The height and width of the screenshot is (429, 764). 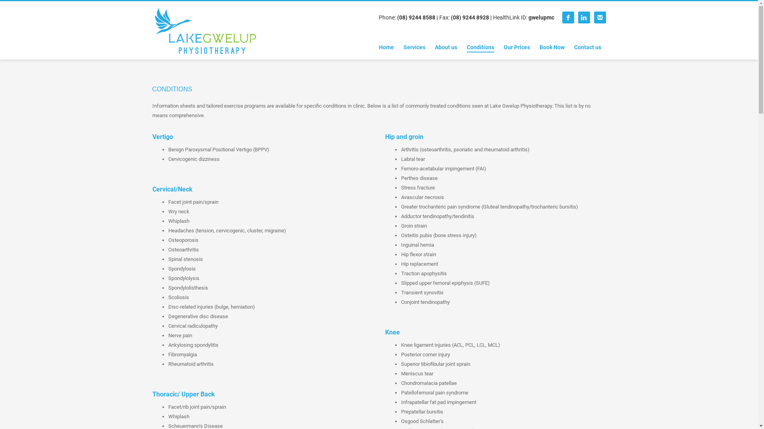 What do you see at coordinates (429, 47) in the screenshot?
I see `'About us'` at bounding box center [429, 47].